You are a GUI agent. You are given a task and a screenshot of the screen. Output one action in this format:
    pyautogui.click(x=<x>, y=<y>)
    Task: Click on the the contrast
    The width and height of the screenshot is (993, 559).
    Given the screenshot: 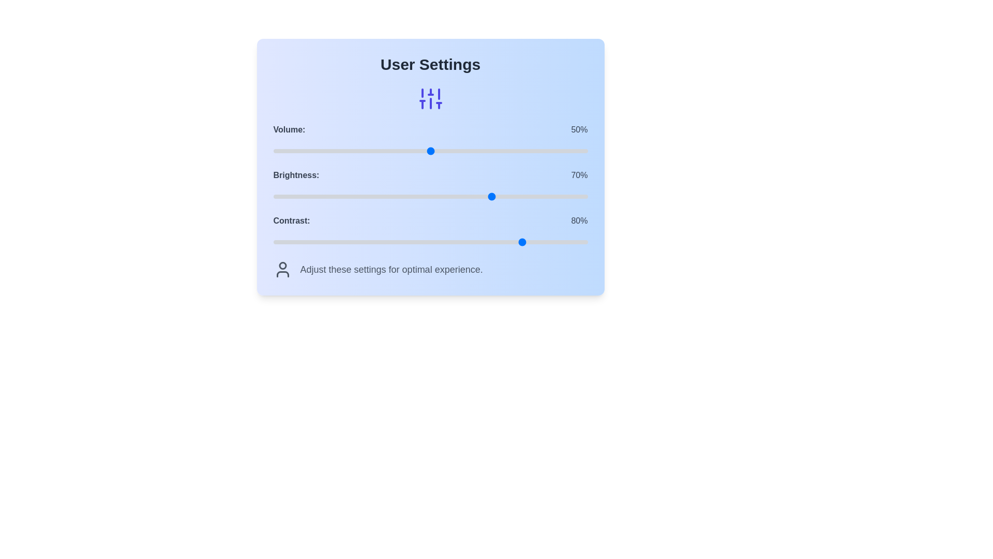 What is the action you would take?
    pyautogui.click(x=430, y=242)
    